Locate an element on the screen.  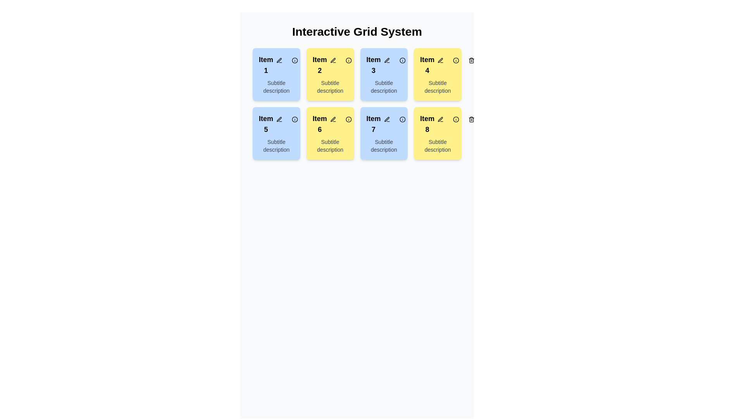
text displayed in the bold label 'Item 3' located at the top-left of a blue-colored rectangular card with rounded corners is located at coordinates (384, 65).